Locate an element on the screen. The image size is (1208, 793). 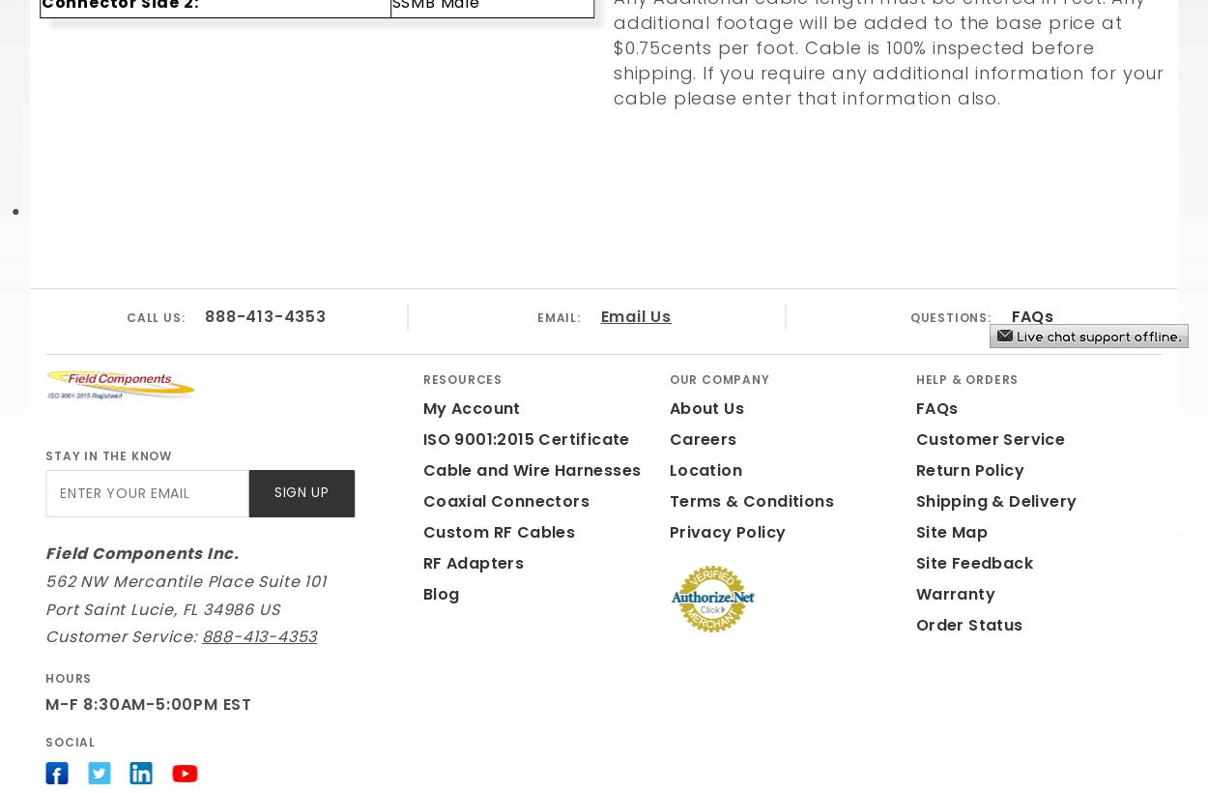
'Stay In The Know' is located at coordinates (107, 455).